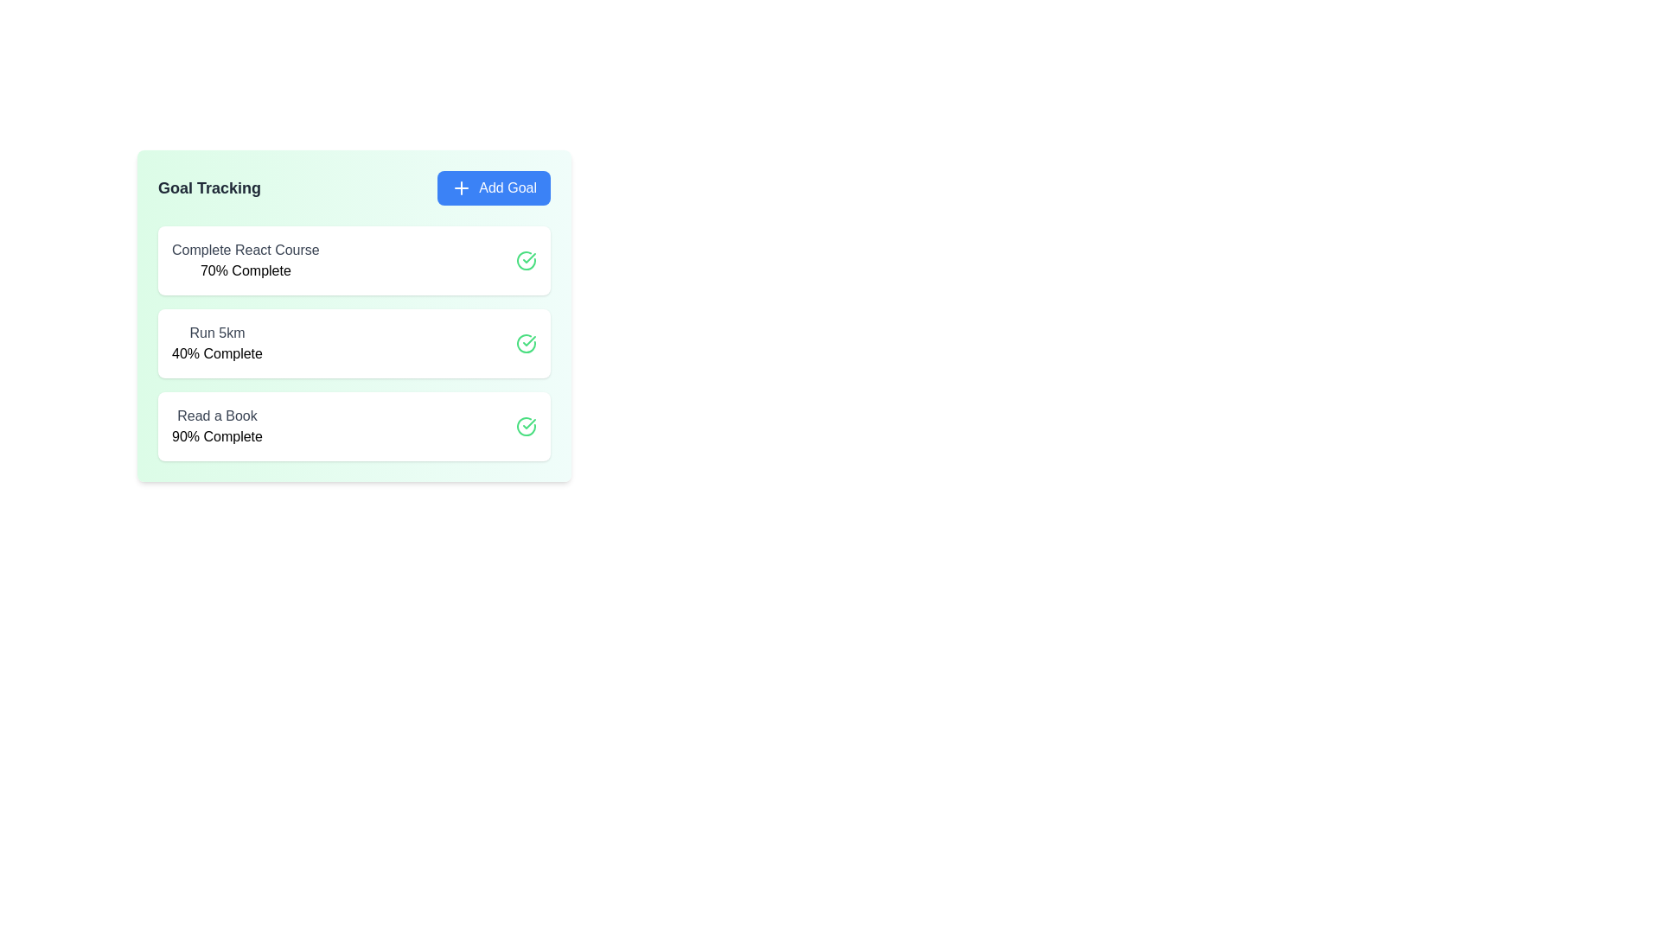 This screenshot has height=933, width=1660. Describe the element at coordinates (528, 340) in the screenshot. I see `checkmark icon with a green outline located in the third progress card labeled 'Read a Book 90% Complete' for visual feedback` at that location.